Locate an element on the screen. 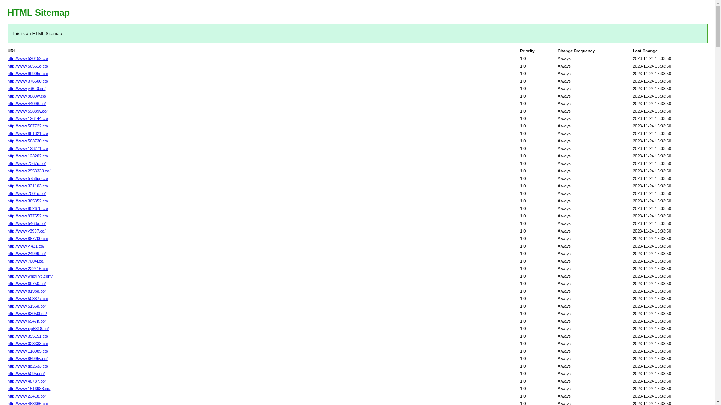  'http://www.xpj8818.co/' is located at coordinates (28, 328).